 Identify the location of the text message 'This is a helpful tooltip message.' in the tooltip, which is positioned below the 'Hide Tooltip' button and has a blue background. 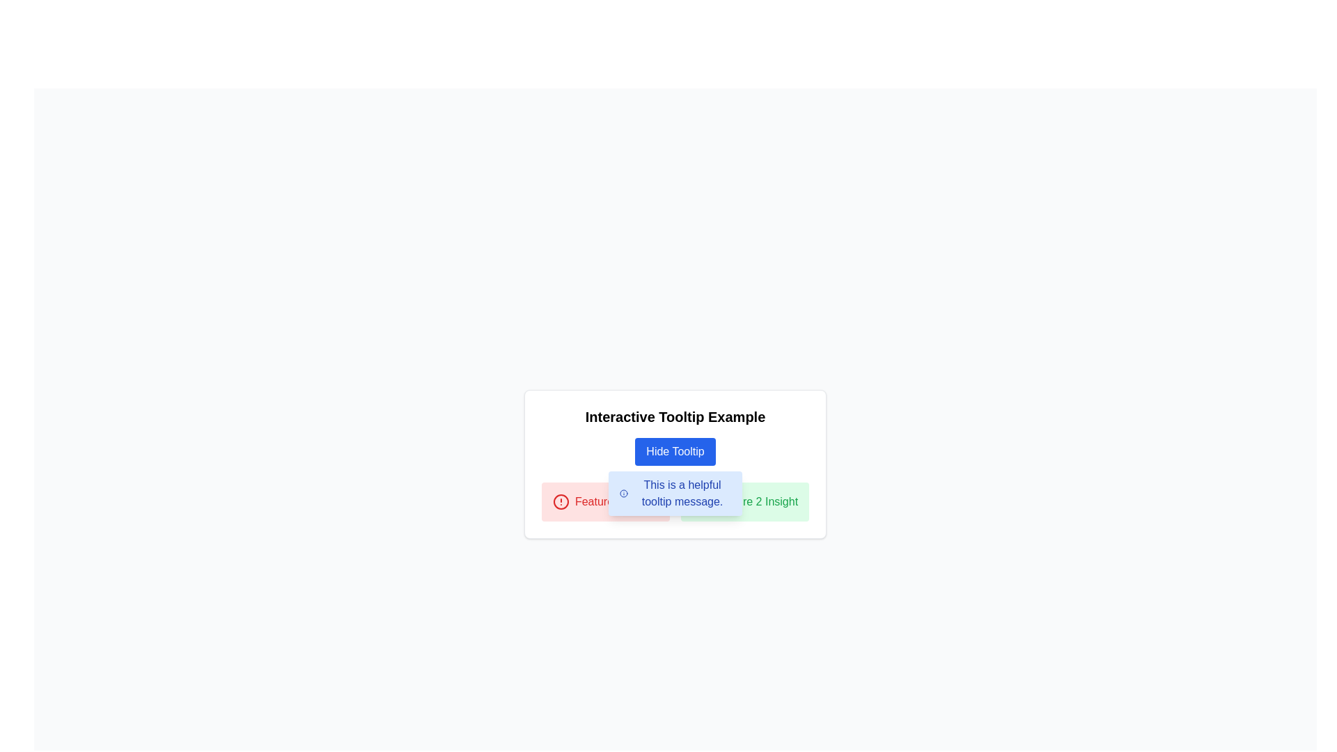
(675, 493).